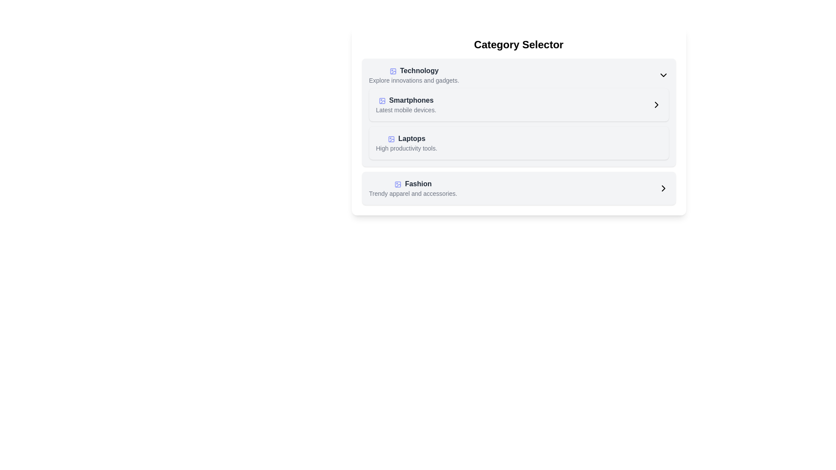 This screenshot has width=836, height=470. I want to click on the right arrow icon at the top-right corner of the 'Smartphones' category block, so click(656, 104).